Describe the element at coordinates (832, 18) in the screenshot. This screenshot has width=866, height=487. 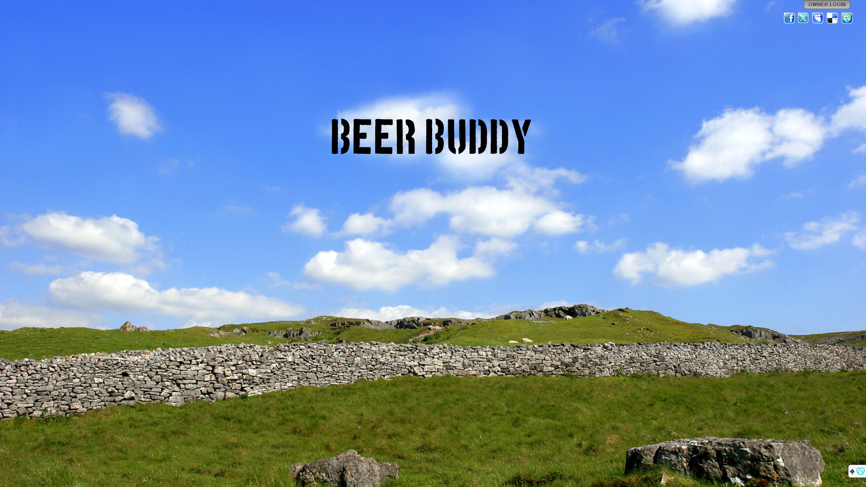
I see `'Del.icio.us'` at that location.